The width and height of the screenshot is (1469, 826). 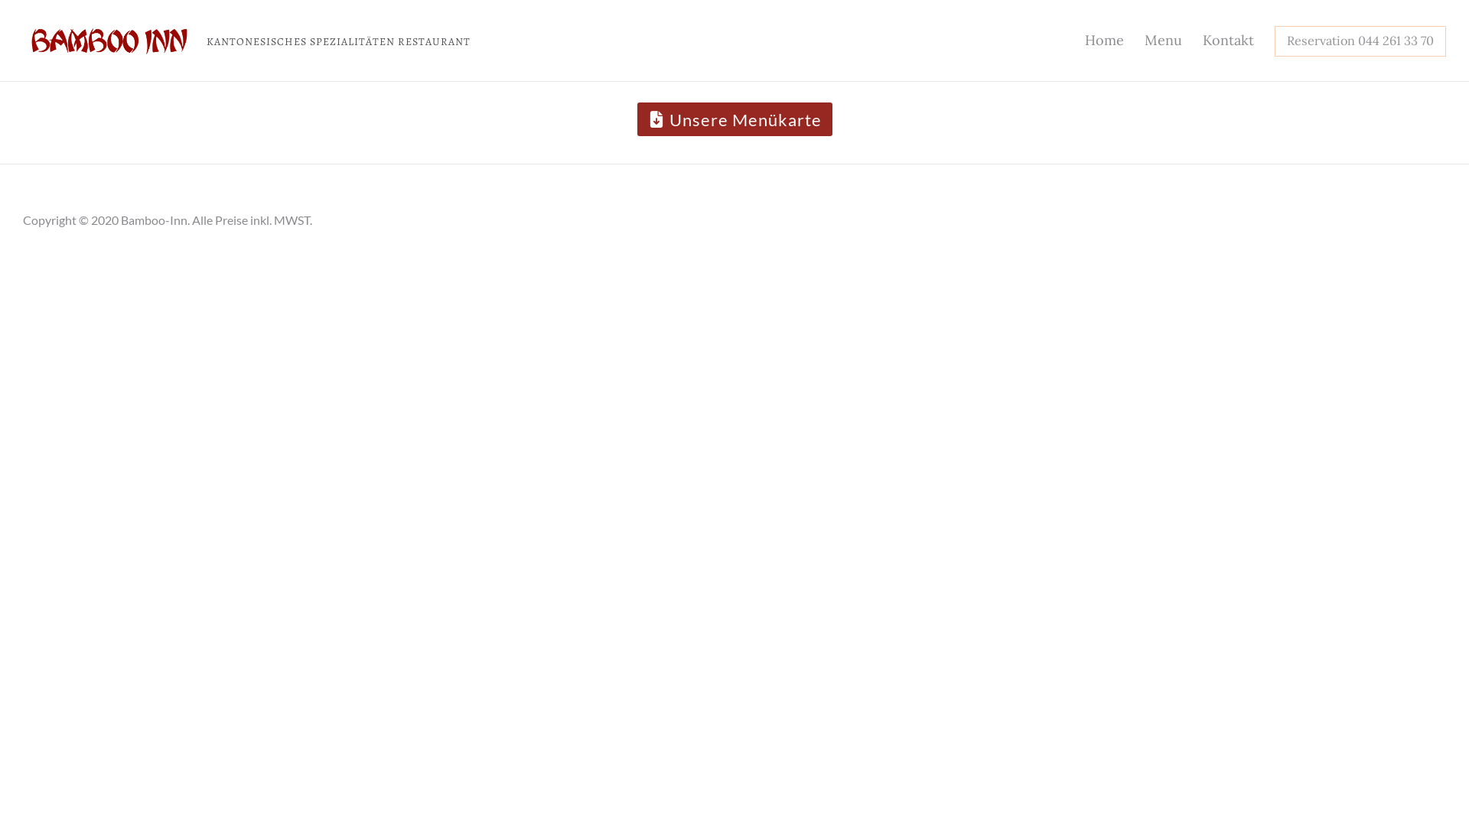 What do you see at coordinates (1228, 40) in the screenshot?
I see `'Kontakt'` at bounding box center [1228, 40].